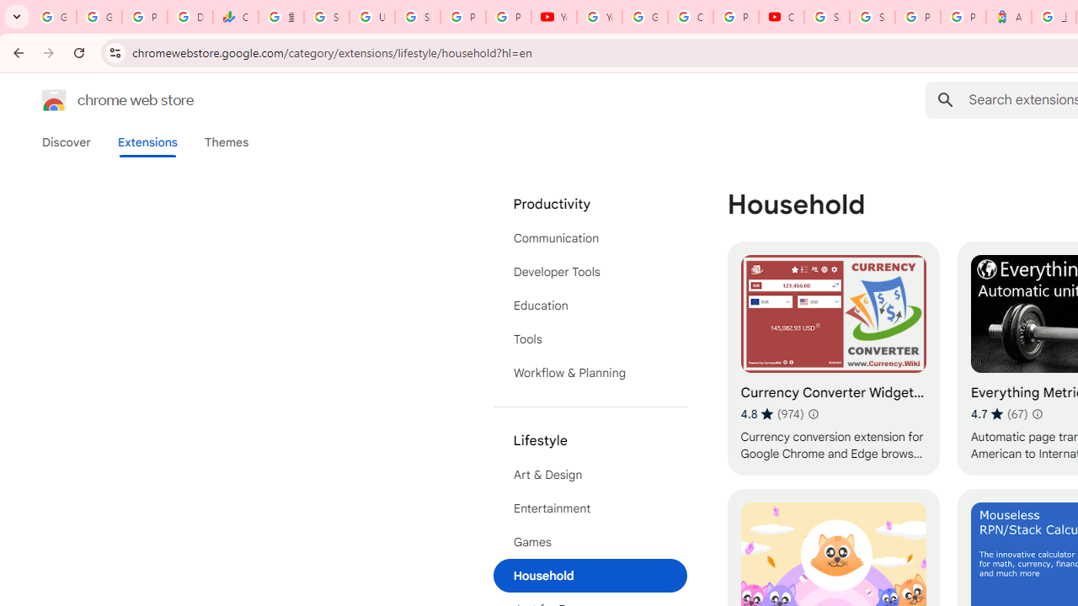  I want to click on 'Developer Tools', so click(590, 270).